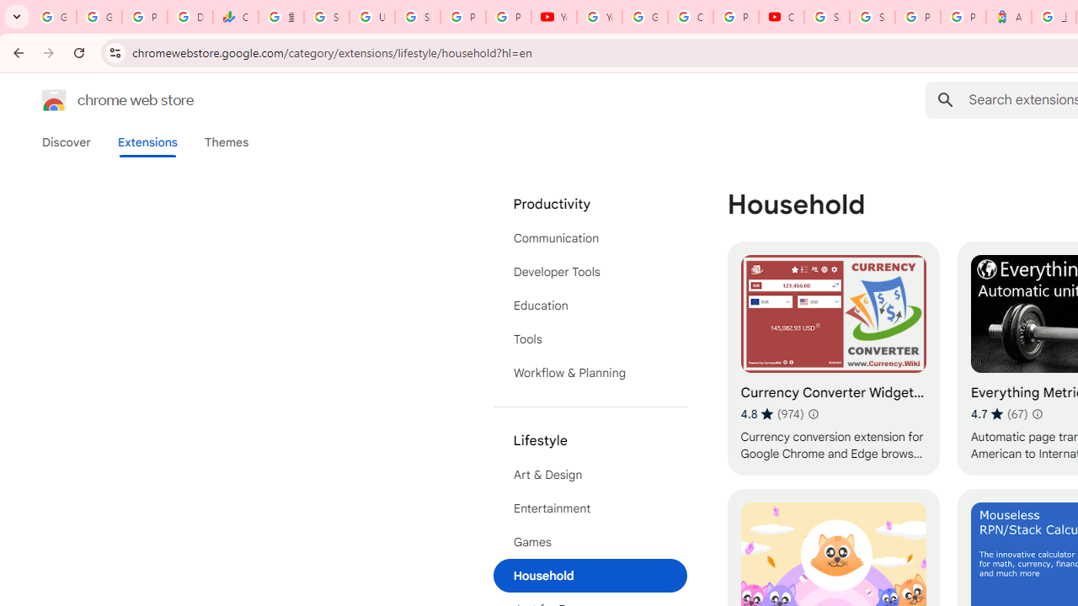  I want to click on 'Developer Tools', so click(590, 270).